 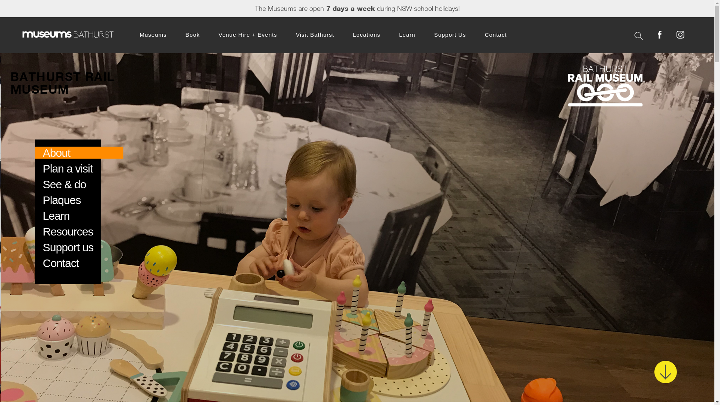 What do you see at coordinates (61, 199) in the screenshot?
I see `'Plaques'` at bounding box center [61, 199].